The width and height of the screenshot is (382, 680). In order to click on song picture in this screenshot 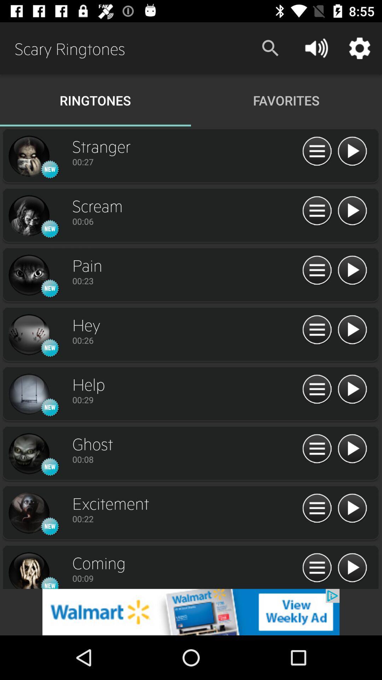, I will do `click(28, 334)`.